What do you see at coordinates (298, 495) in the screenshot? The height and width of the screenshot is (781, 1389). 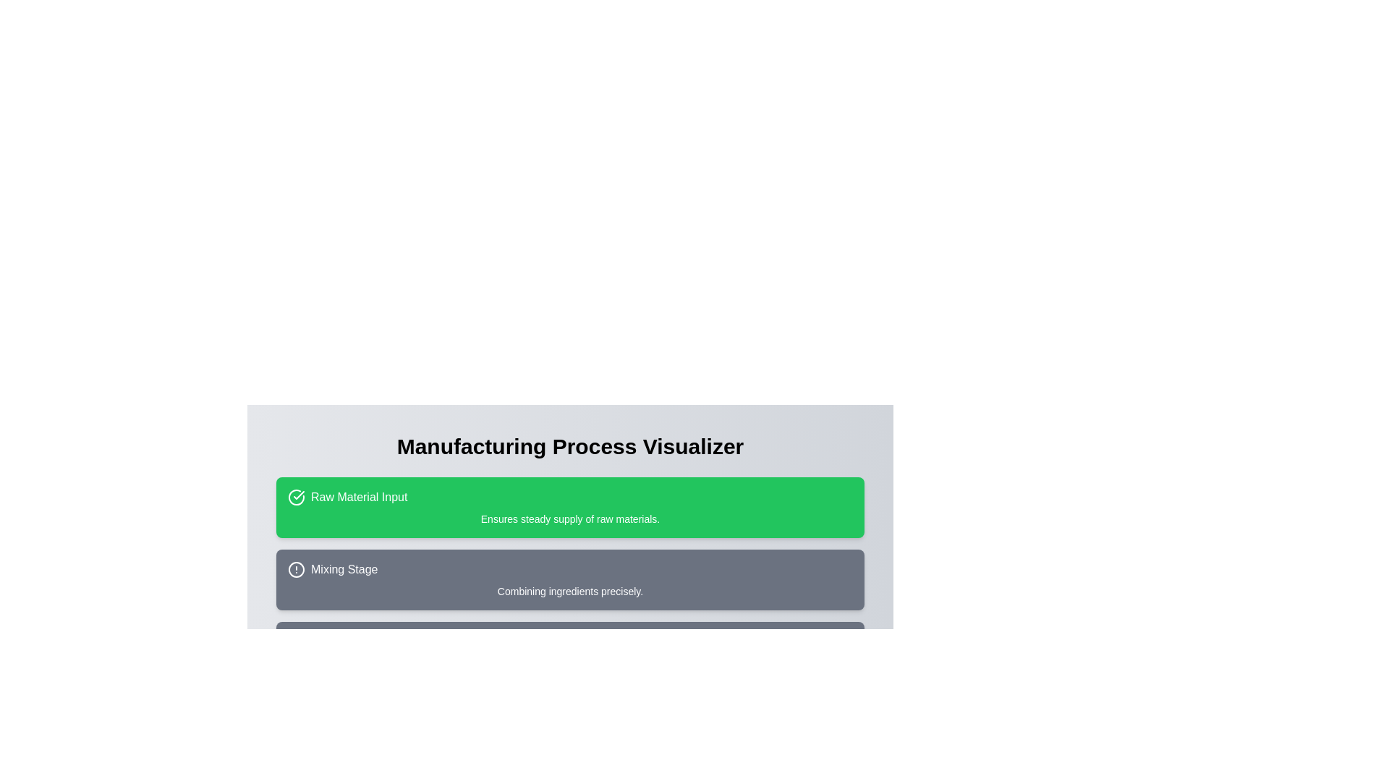 I see `the checkmark icon indicating a positive status, which is positioned to the left of the text 'Raw Material Input' in the first card of the process stages chart` at bounding box center [298, 495].